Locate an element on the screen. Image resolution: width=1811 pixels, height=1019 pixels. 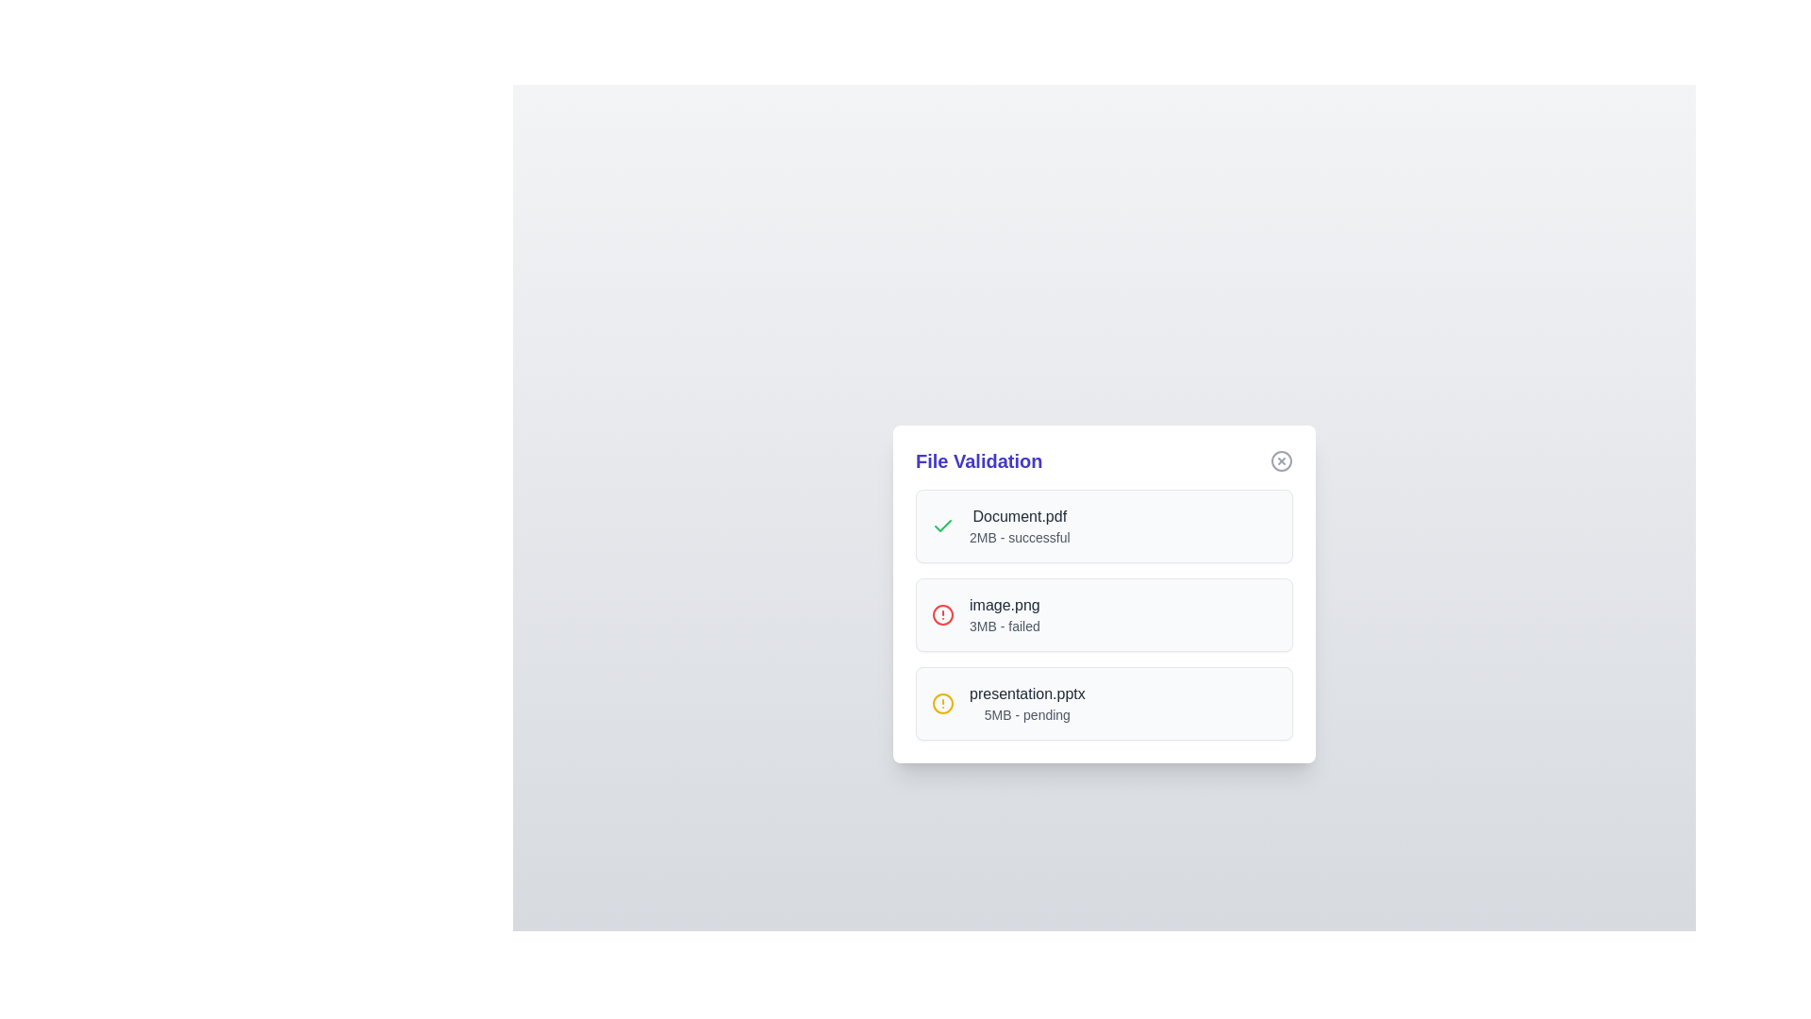
the close button of the File Validation Dialog is located at coordinates (1281, 461).